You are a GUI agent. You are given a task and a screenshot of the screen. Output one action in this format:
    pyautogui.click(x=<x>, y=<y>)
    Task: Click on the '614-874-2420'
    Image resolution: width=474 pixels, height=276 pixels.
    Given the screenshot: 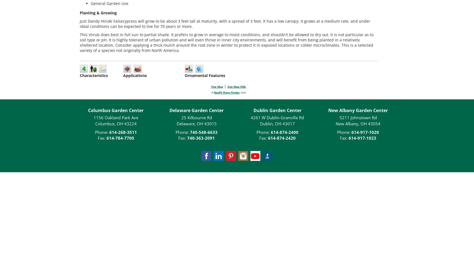 What is the action you would take?
    pyautogui.click(x=281, y=138)
    